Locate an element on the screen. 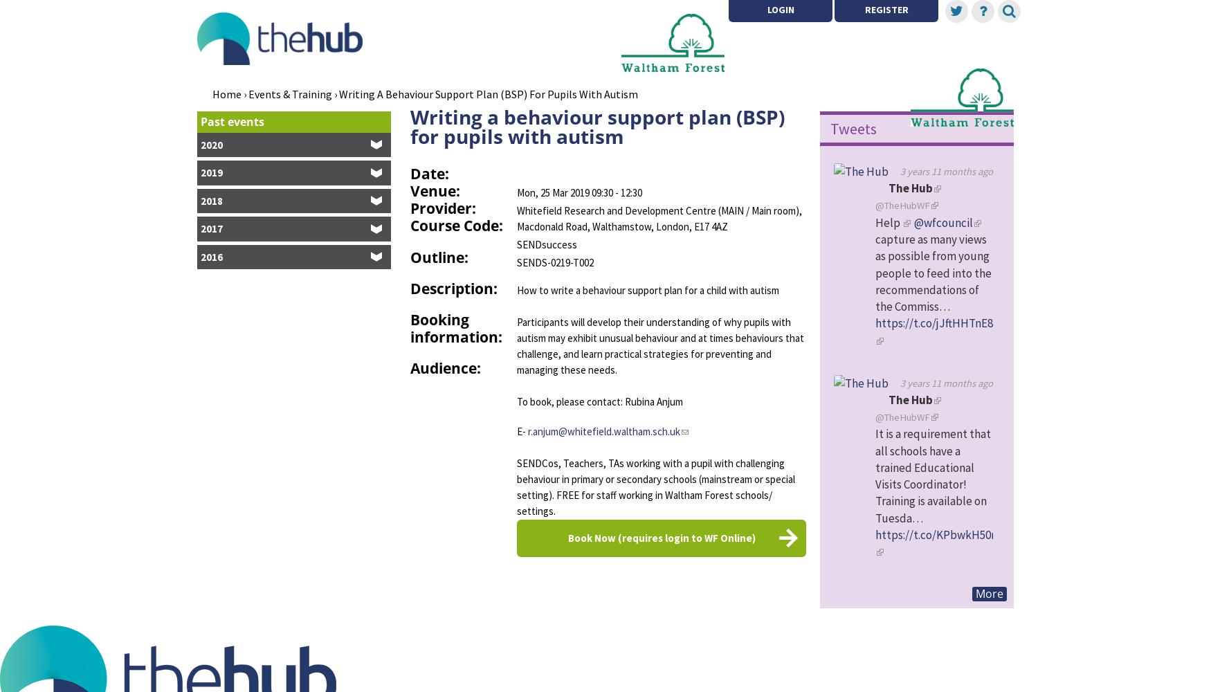 Image resolution: width=1211 pixels, height=692 pixels. 'SENDCos, Teachers, TAs working with a pupil with challenging behaviour in primary or secondary schools (mainstream or special setting).

FREE for staff working in Waltham Forest schools/ settings.' is located at coordinates (655, 486).